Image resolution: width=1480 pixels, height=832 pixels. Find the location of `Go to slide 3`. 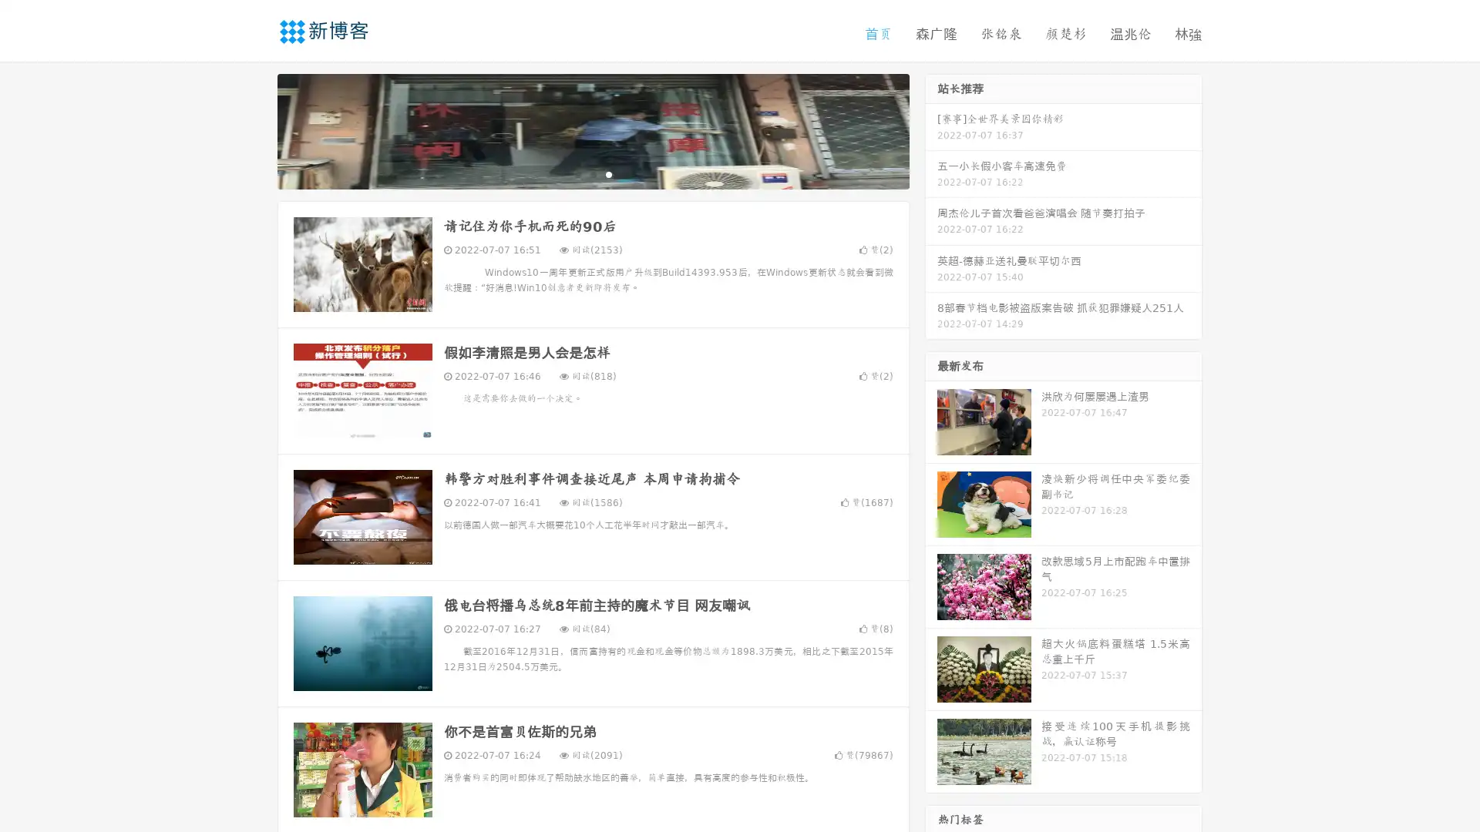

Go to slide 3 is located at coordinates (608, 173).